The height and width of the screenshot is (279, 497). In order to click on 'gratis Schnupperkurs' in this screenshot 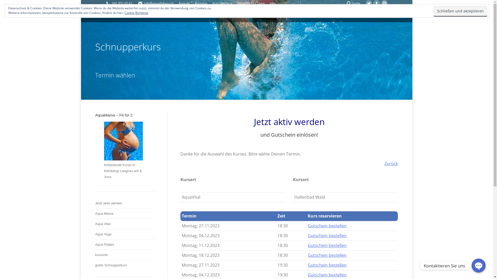, I will do `click(111, 265)`.